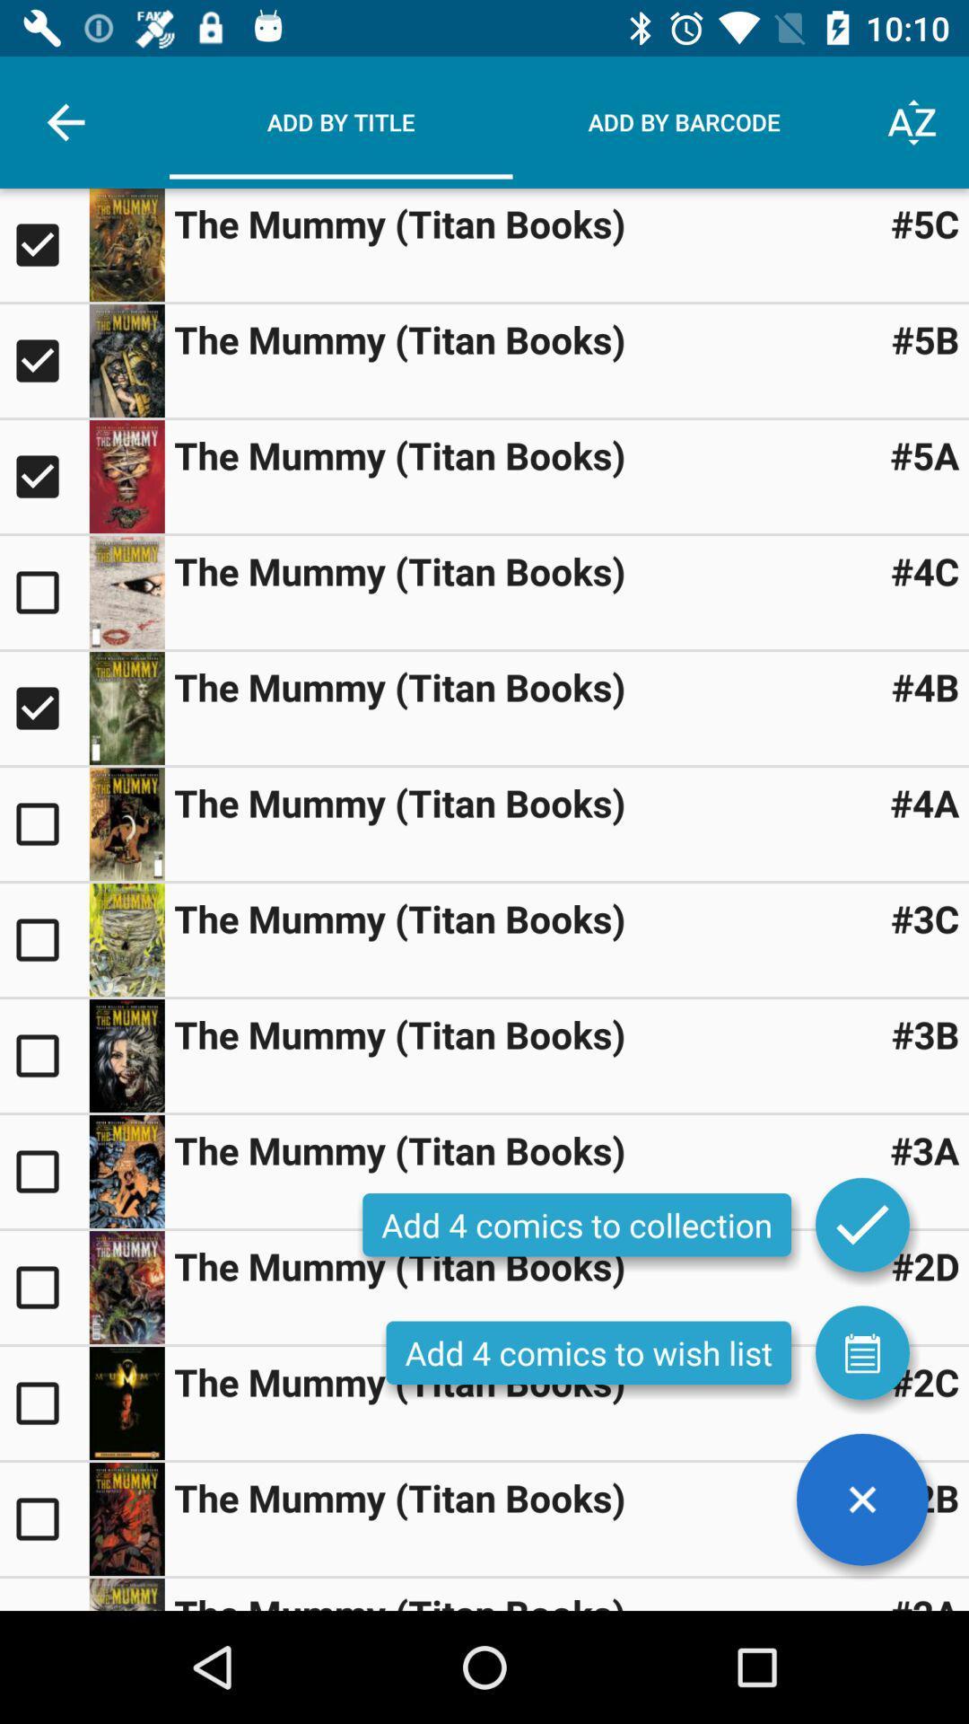  I want to click on the icon next to the mummy titan item, so click(925, 339).